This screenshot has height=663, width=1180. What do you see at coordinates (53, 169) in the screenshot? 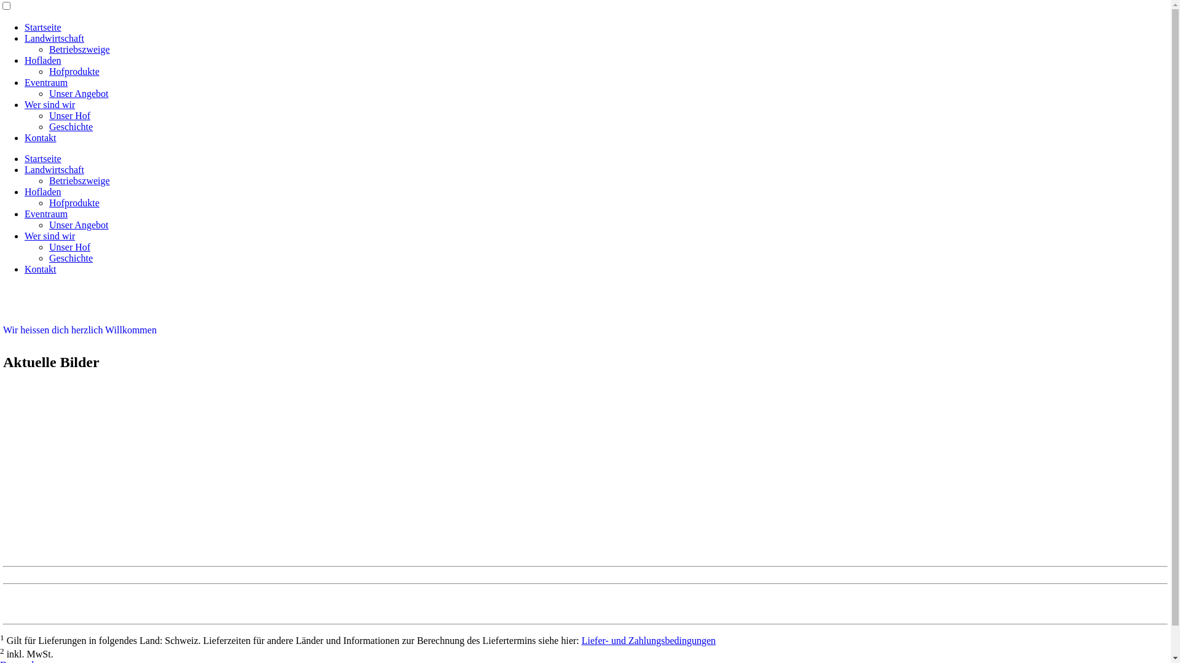
I see `'Landwirtschaft'` at bounding box center [53, 169].